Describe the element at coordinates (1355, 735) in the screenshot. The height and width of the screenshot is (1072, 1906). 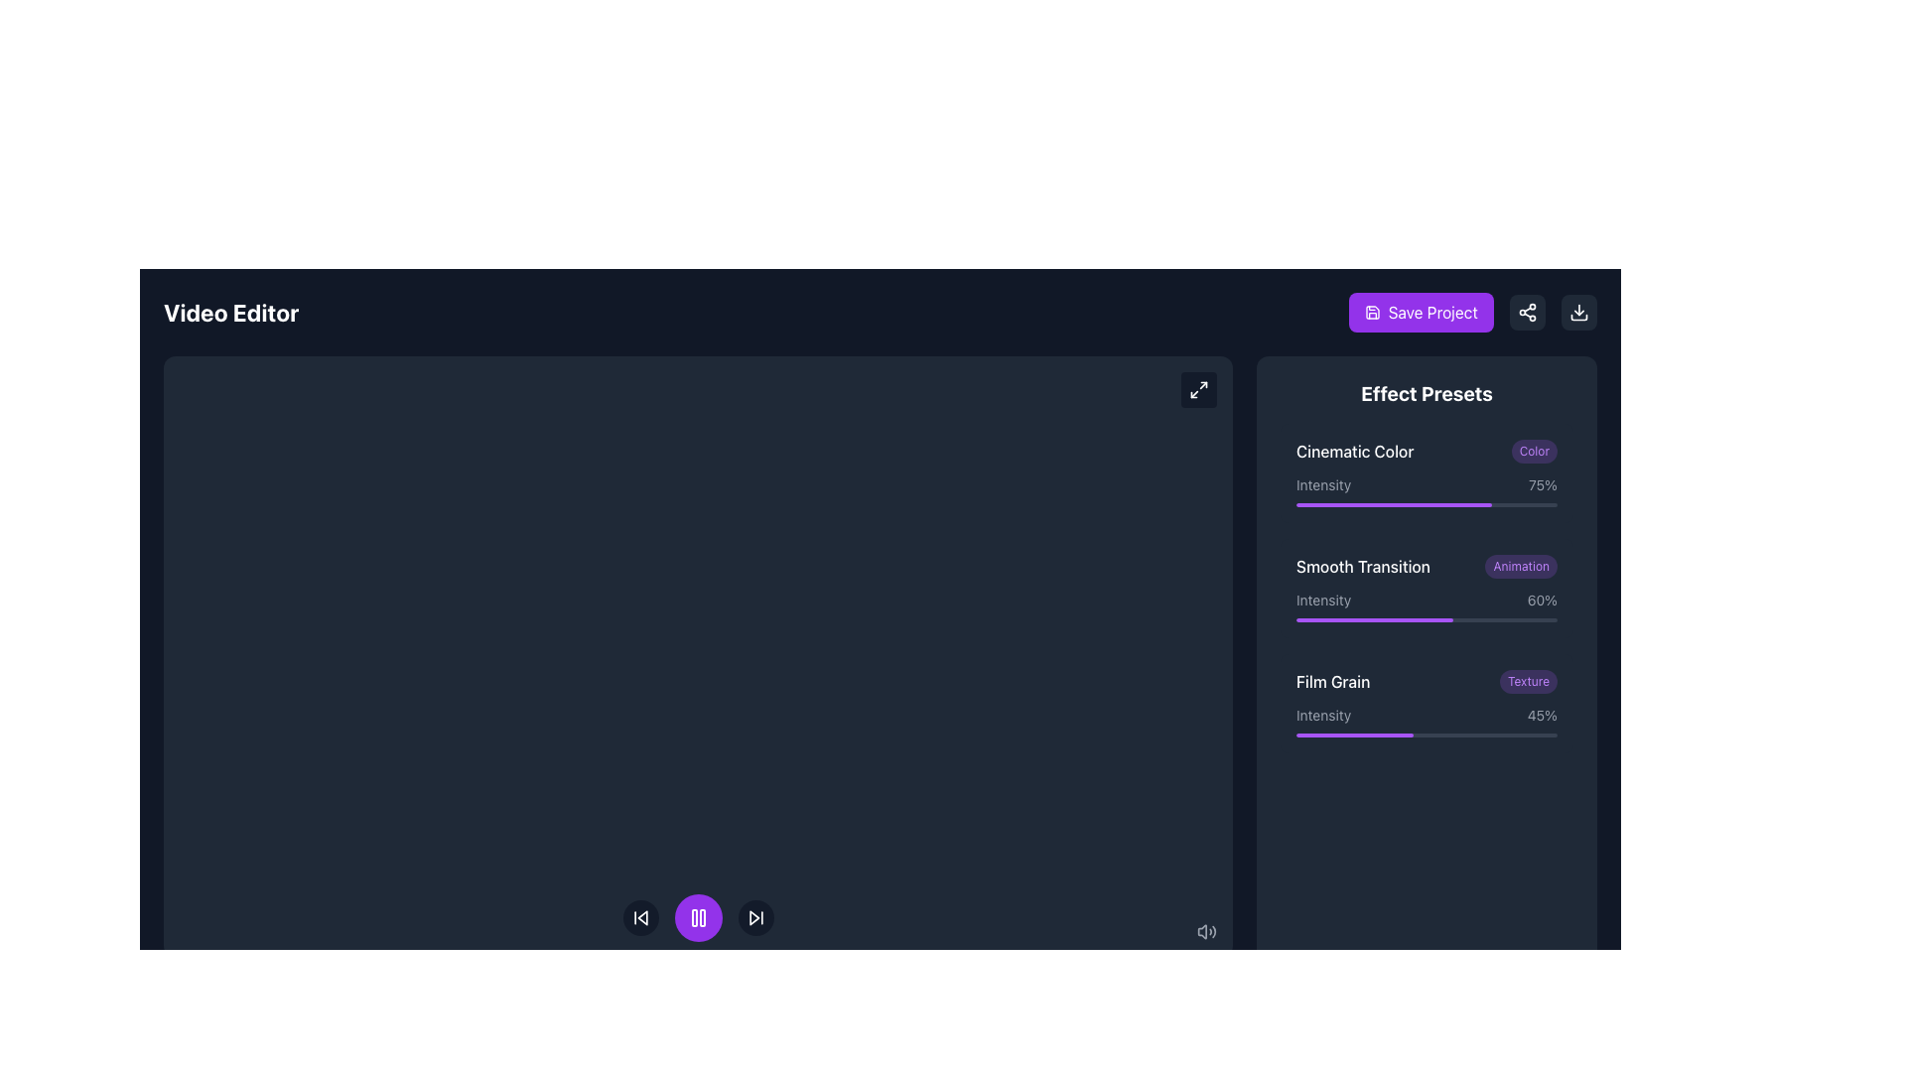
I see `the intensity slider` at that location.